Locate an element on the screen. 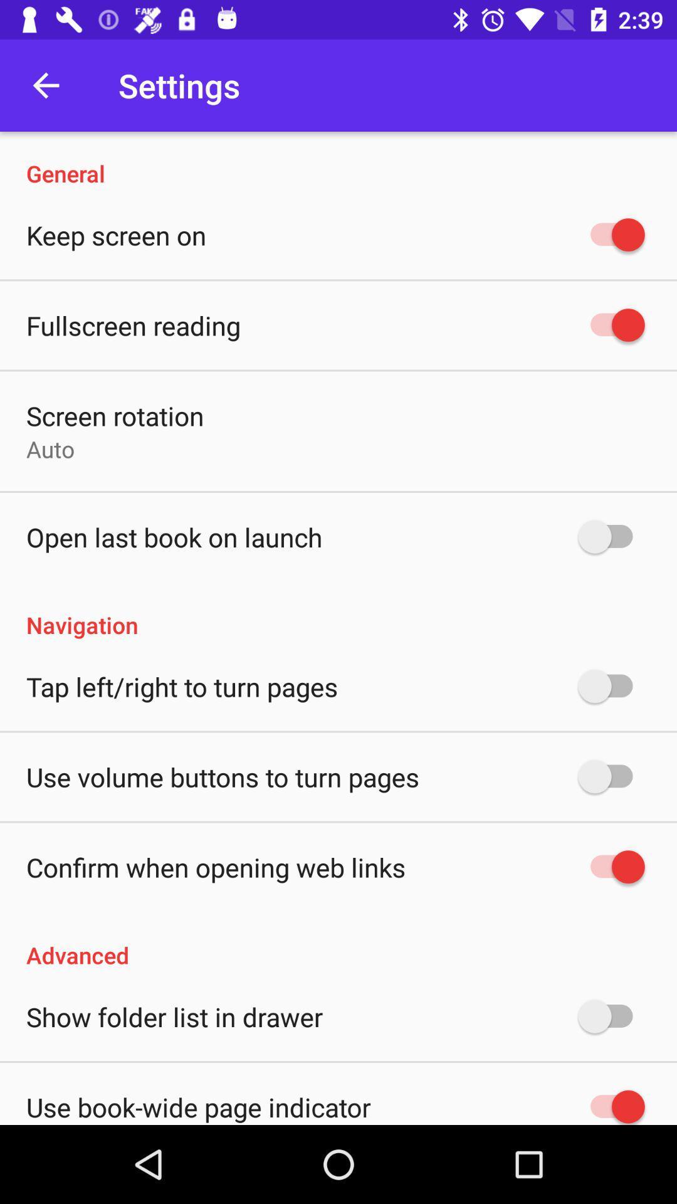 This screenshot has height=1204, width=677. the icon below the use volume buttons item is located at coordinates (215, 866).